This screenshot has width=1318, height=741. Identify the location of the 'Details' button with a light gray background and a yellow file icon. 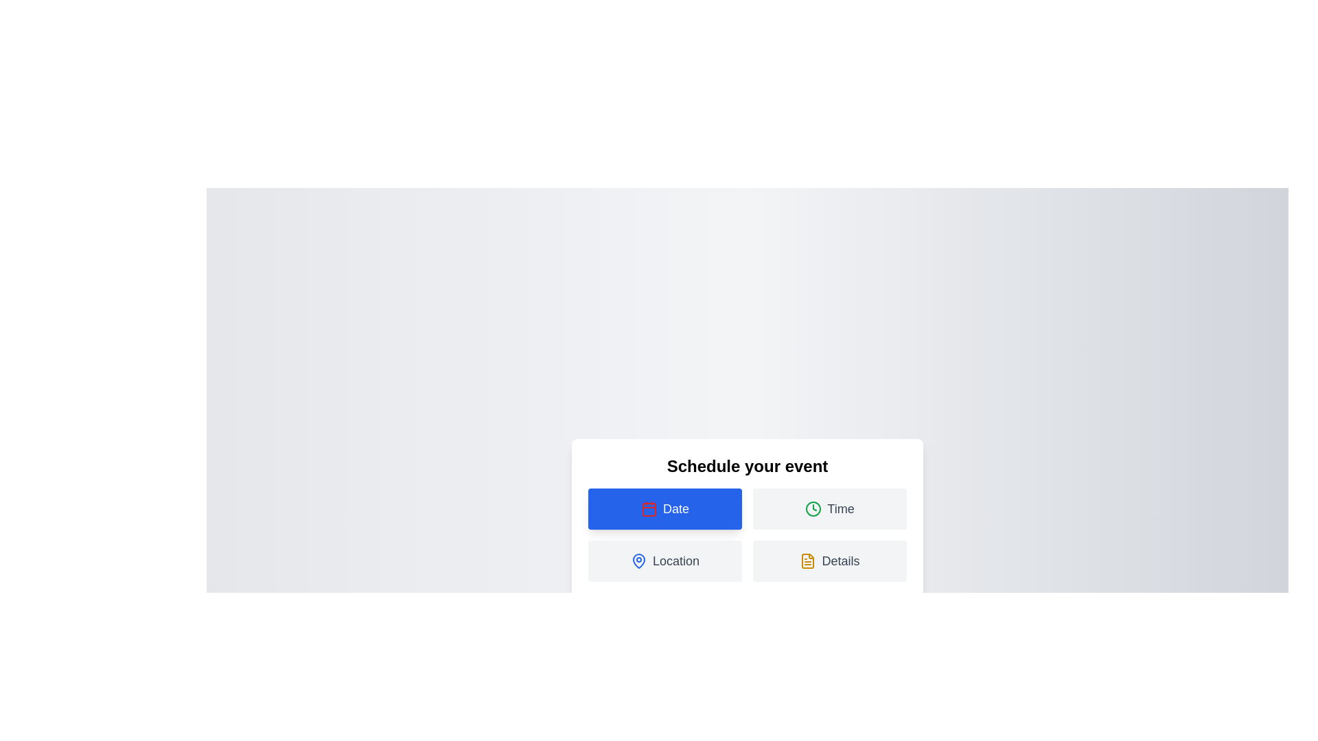
(829, 561).